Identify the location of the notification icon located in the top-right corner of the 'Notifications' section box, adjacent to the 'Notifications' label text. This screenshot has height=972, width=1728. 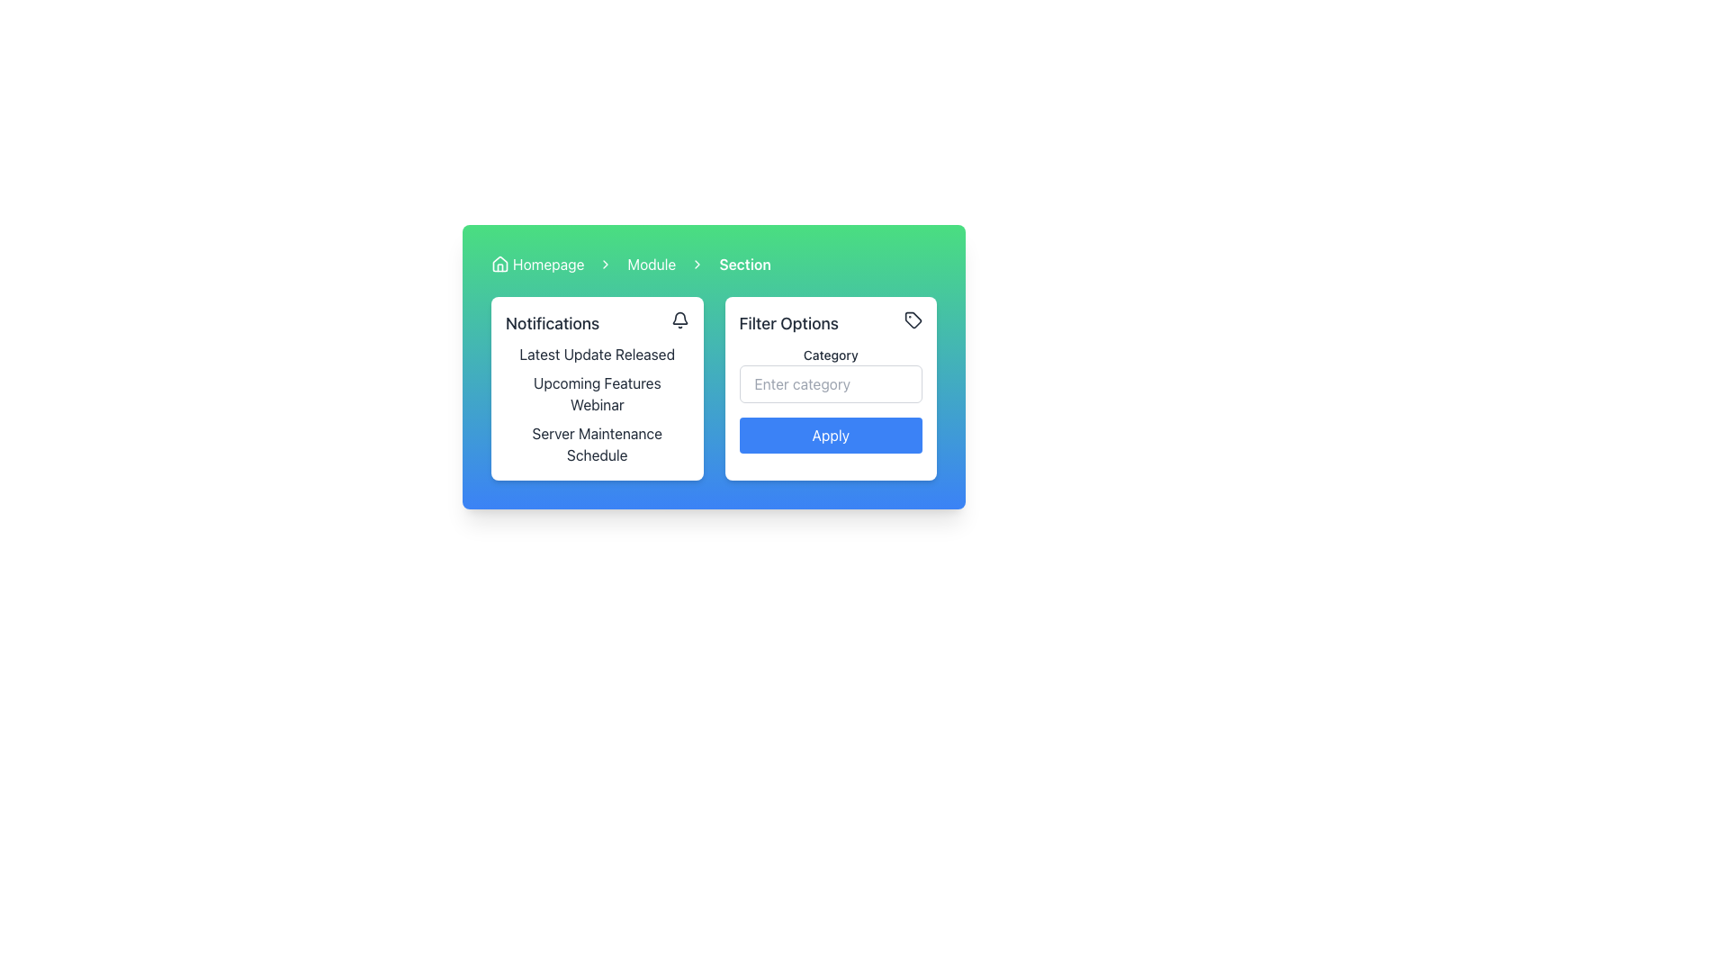
(679, 319).